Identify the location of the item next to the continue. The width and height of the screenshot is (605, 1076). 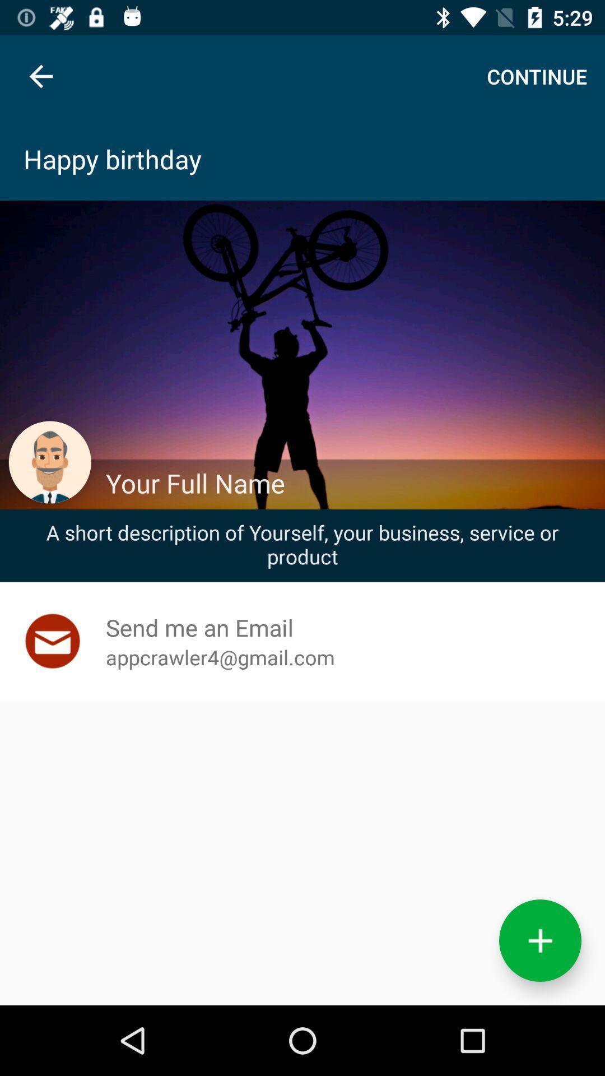
(40, 76).